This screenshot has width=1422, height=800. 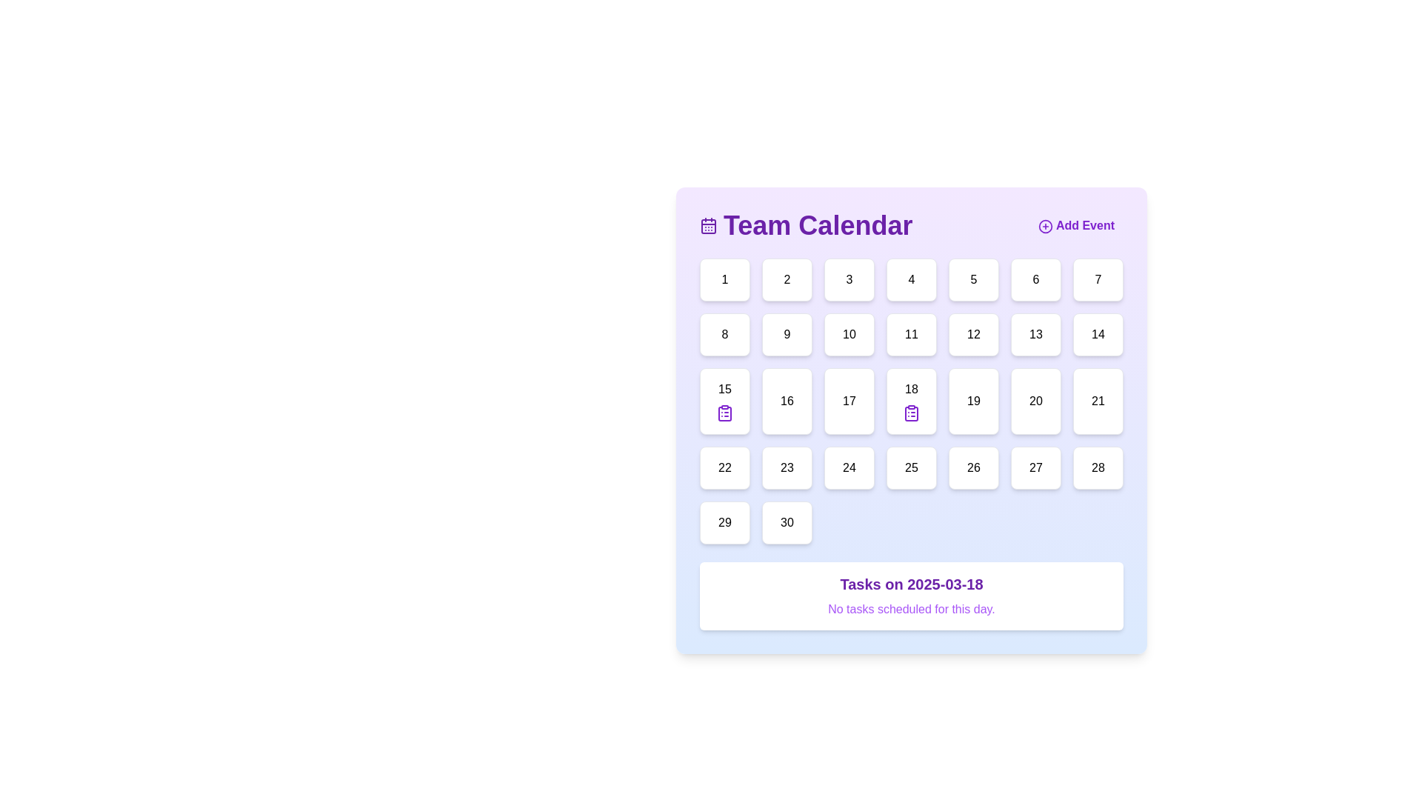 What do you see at coordinates (1044, 226) in the screenshot?
I see `the 'Add Event' button located in the top-right corner of the calendar interface, which features a circular decorative component resembling a '+' sign` at bounding box center [1044, 226].